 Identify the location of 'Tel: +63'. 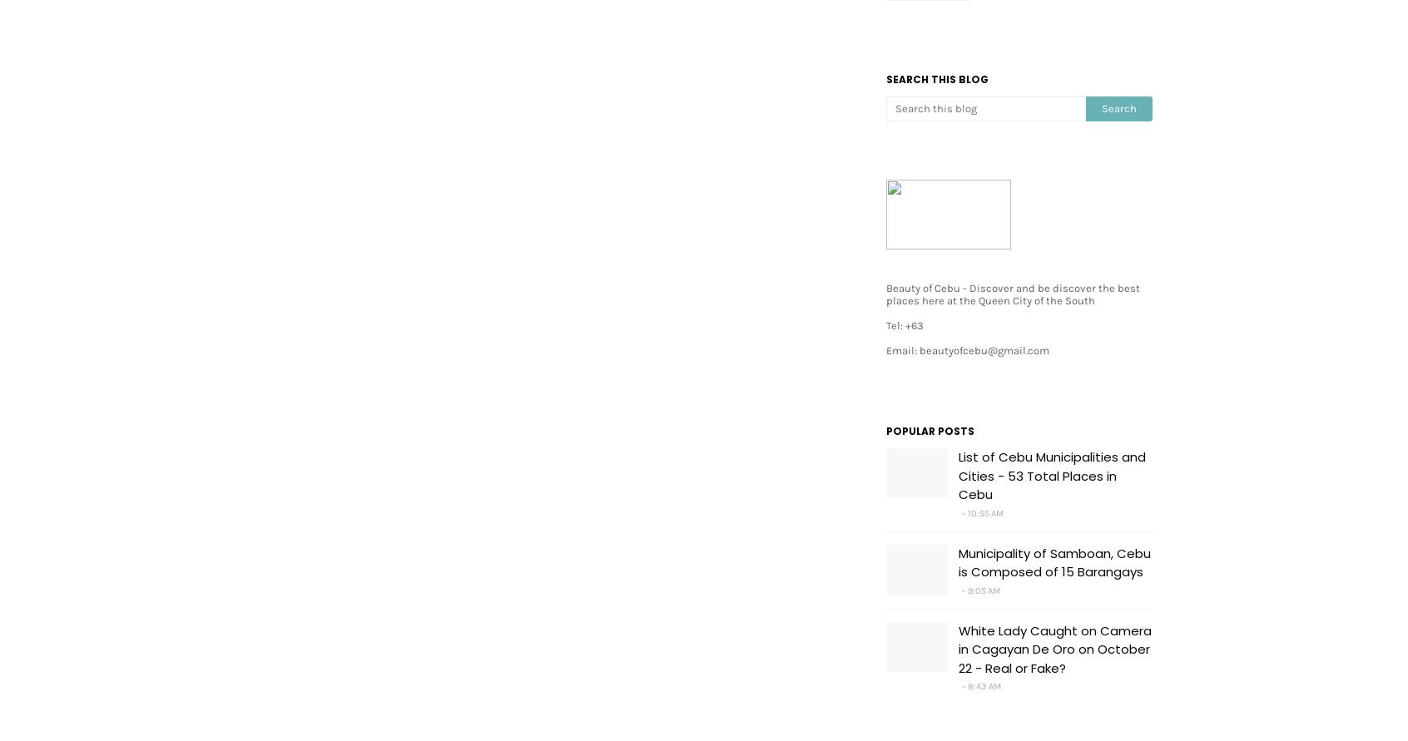
(905, 325).